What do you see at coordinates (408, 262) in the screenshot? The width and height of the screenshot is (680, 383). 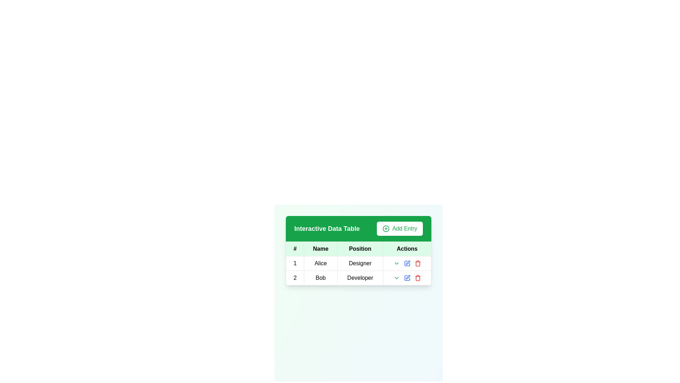 I see `the edit icon button located in the actions column for the 'Bob' data row to modify the details` at bounding box center [408, 262].